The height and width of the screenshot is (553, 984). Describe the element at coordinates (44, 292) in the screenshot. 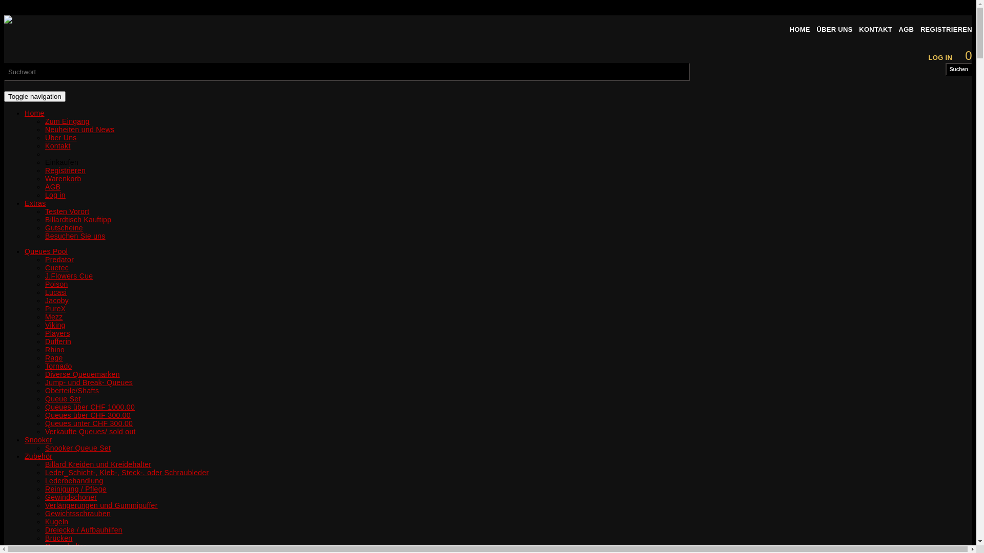

I see `'Lucasi'` at that location.